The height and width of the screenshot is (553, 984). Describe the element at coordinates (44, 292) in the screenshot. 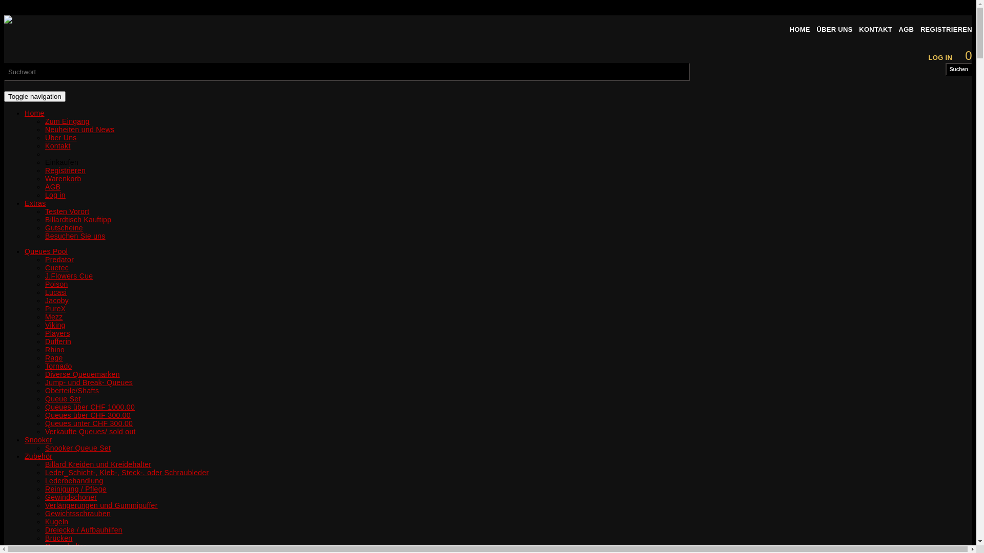

I see `'Lucasi'` at that location.